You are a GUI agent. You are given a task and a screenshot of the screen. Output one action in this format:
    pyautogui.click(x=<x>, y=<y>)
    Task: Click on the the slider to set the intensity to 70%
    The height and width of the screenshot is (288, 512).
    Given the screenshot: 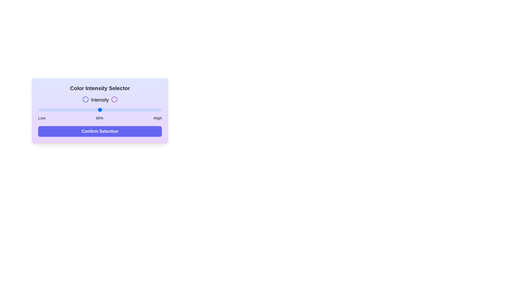 What is the action you would take?
    pyautogui.click(x=124, y=110)
    